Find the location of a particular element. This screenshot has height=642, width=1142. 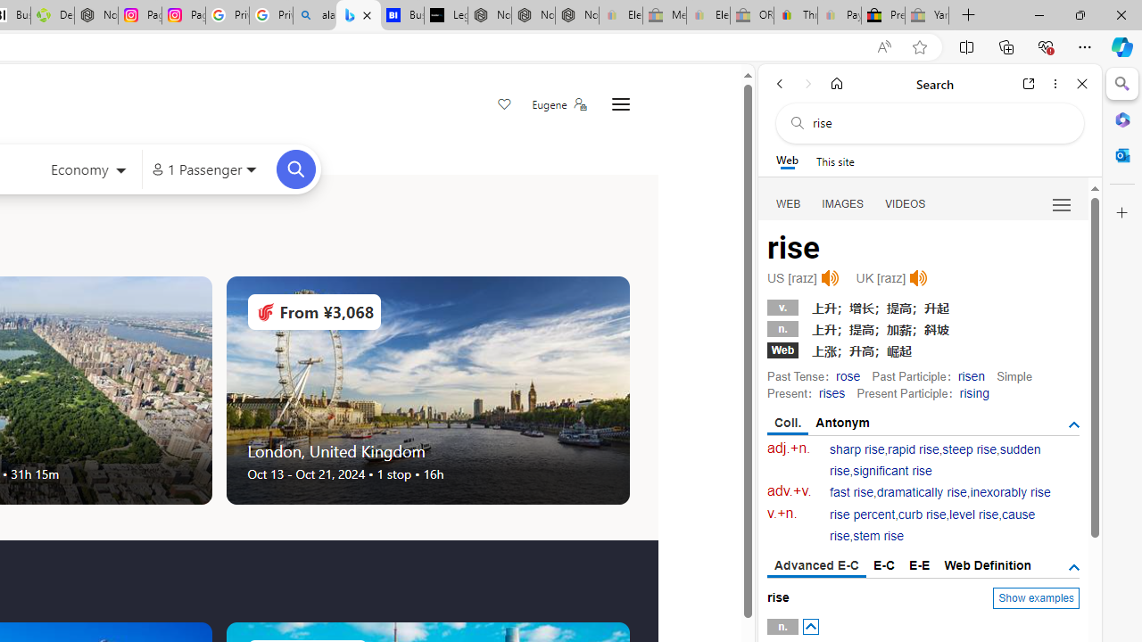

'Advanced E-C' is located at coordinates (815, 566).